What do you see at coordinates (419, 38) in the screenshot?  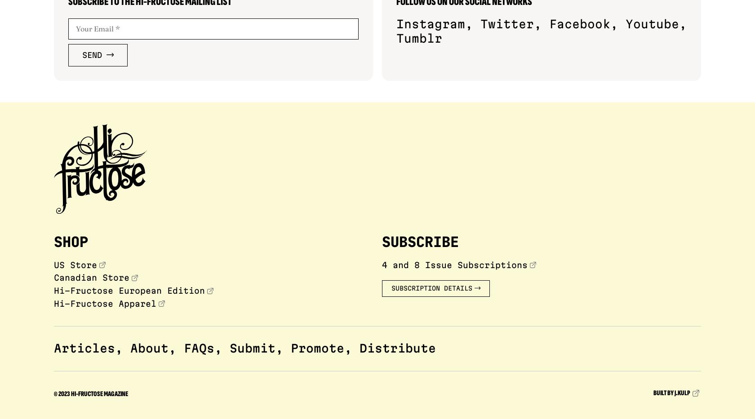 I see `'Tumblr'` at bounding box center [419, 38].